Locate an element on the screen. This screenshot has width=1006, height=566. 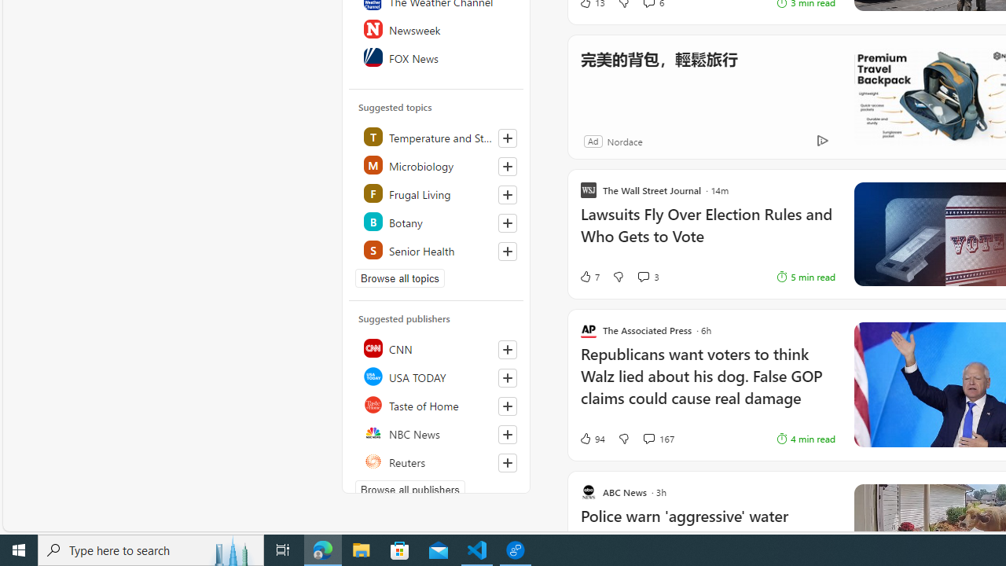
'Class: highlight' is located at coordinates (437, 248).